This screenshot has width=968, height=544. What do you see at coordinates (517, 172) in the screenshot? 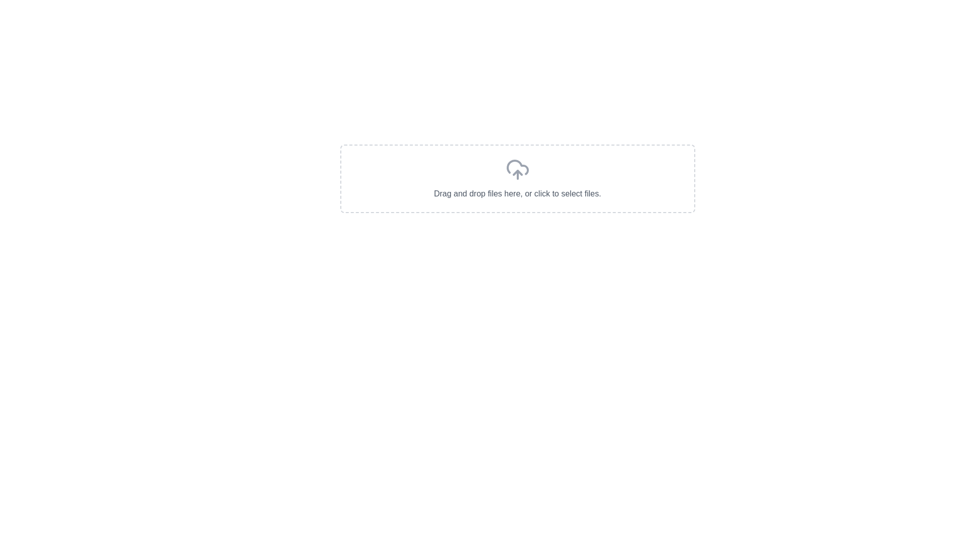
I see `the upload action graphical icon represented by a cloud and an upward arrow, located at the bottom center of the cloud` at bounding box center [517, 172].